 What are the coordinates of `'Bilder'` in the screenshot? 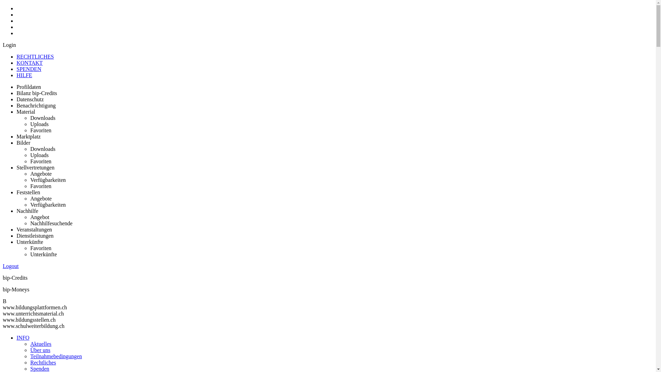 It's located at (23, 142).